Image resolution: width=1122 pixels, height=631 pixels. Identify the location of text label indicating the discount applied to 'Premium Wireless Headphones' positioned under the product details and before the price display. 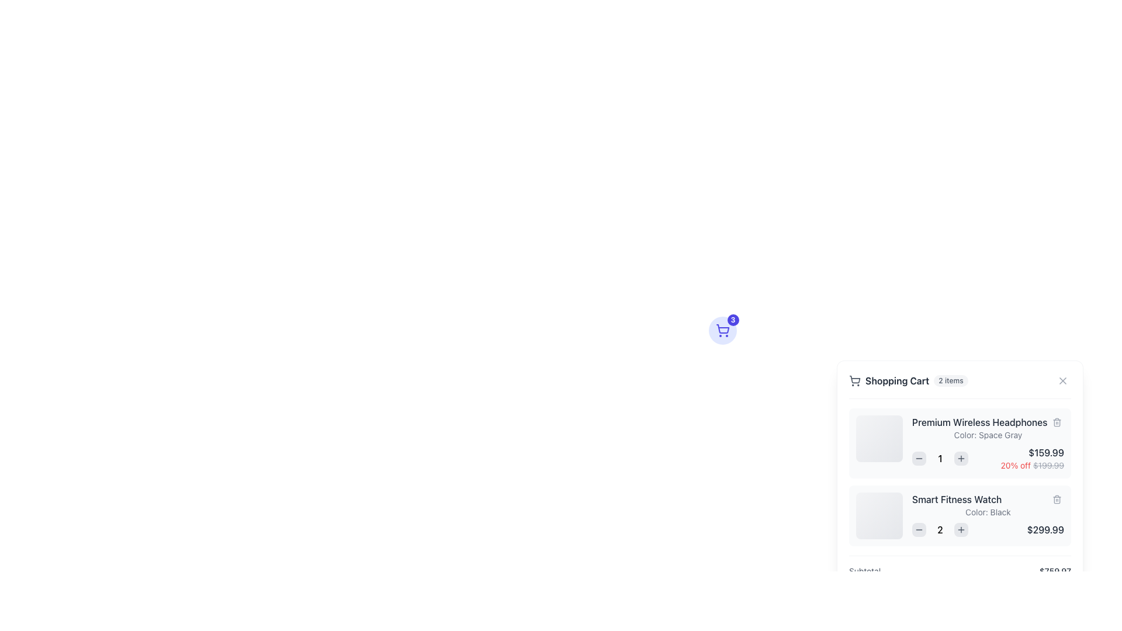
(1015, 464).